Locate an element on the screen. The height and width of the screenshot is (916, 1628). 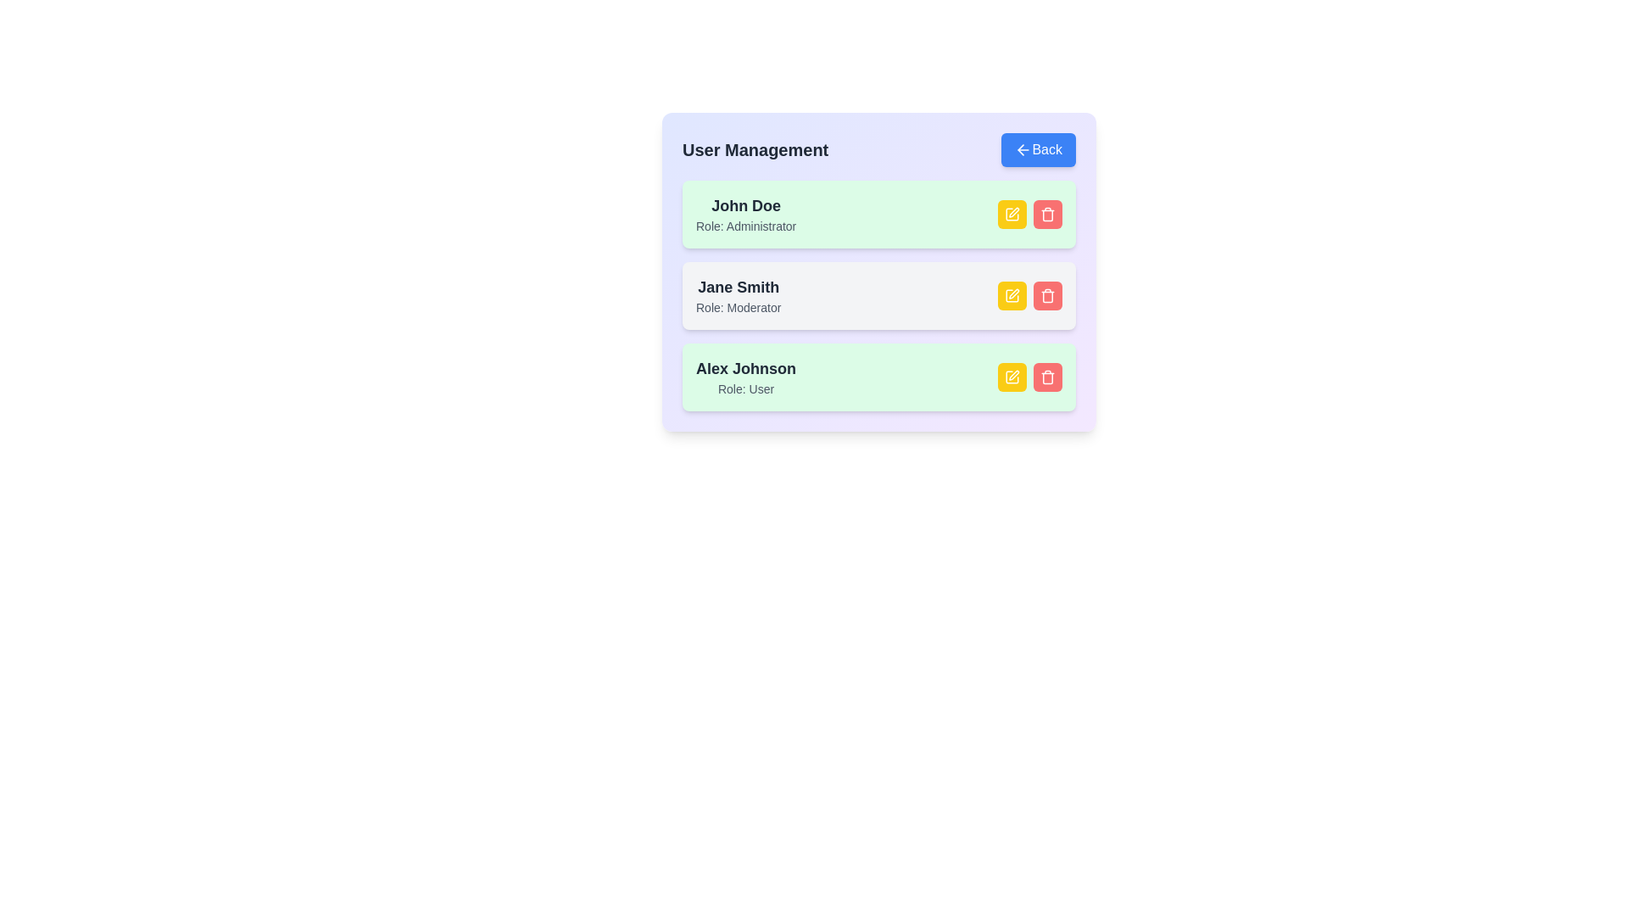
edit button for the user identified by Jane Smith is located at coordinates (1012, 294).